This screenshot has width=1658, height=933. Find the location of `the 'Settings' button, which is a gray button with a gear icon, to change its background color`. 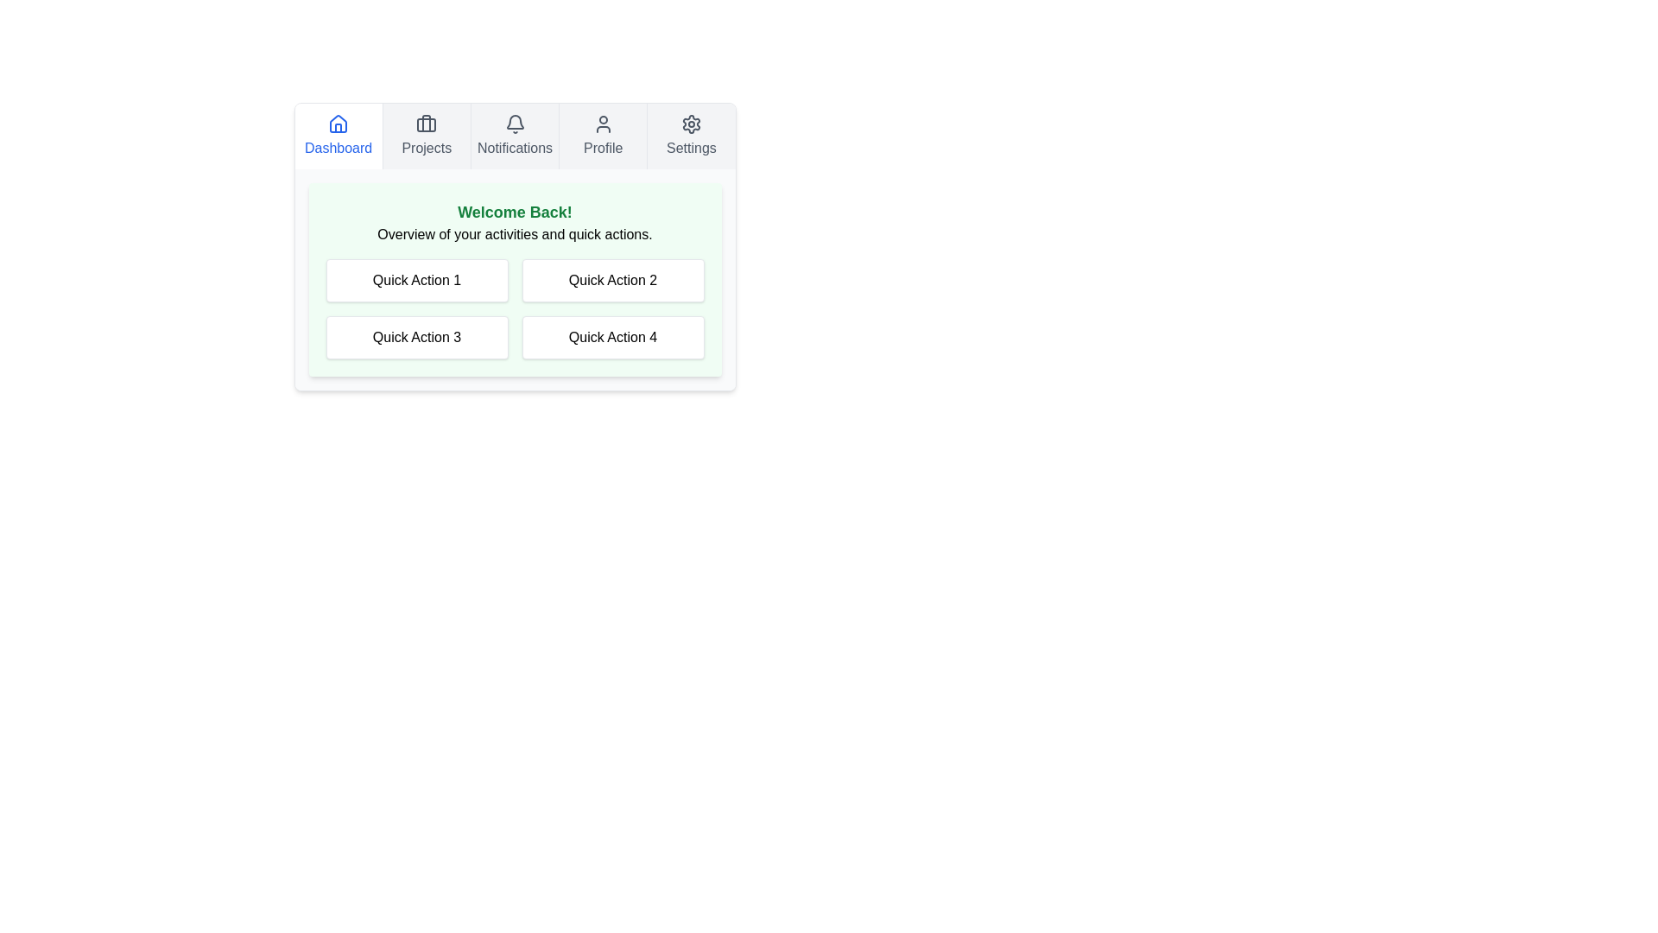

the 'Settings' button, which is a gray button with a gear icon, to change its background color is located at coordinates (691, 136).